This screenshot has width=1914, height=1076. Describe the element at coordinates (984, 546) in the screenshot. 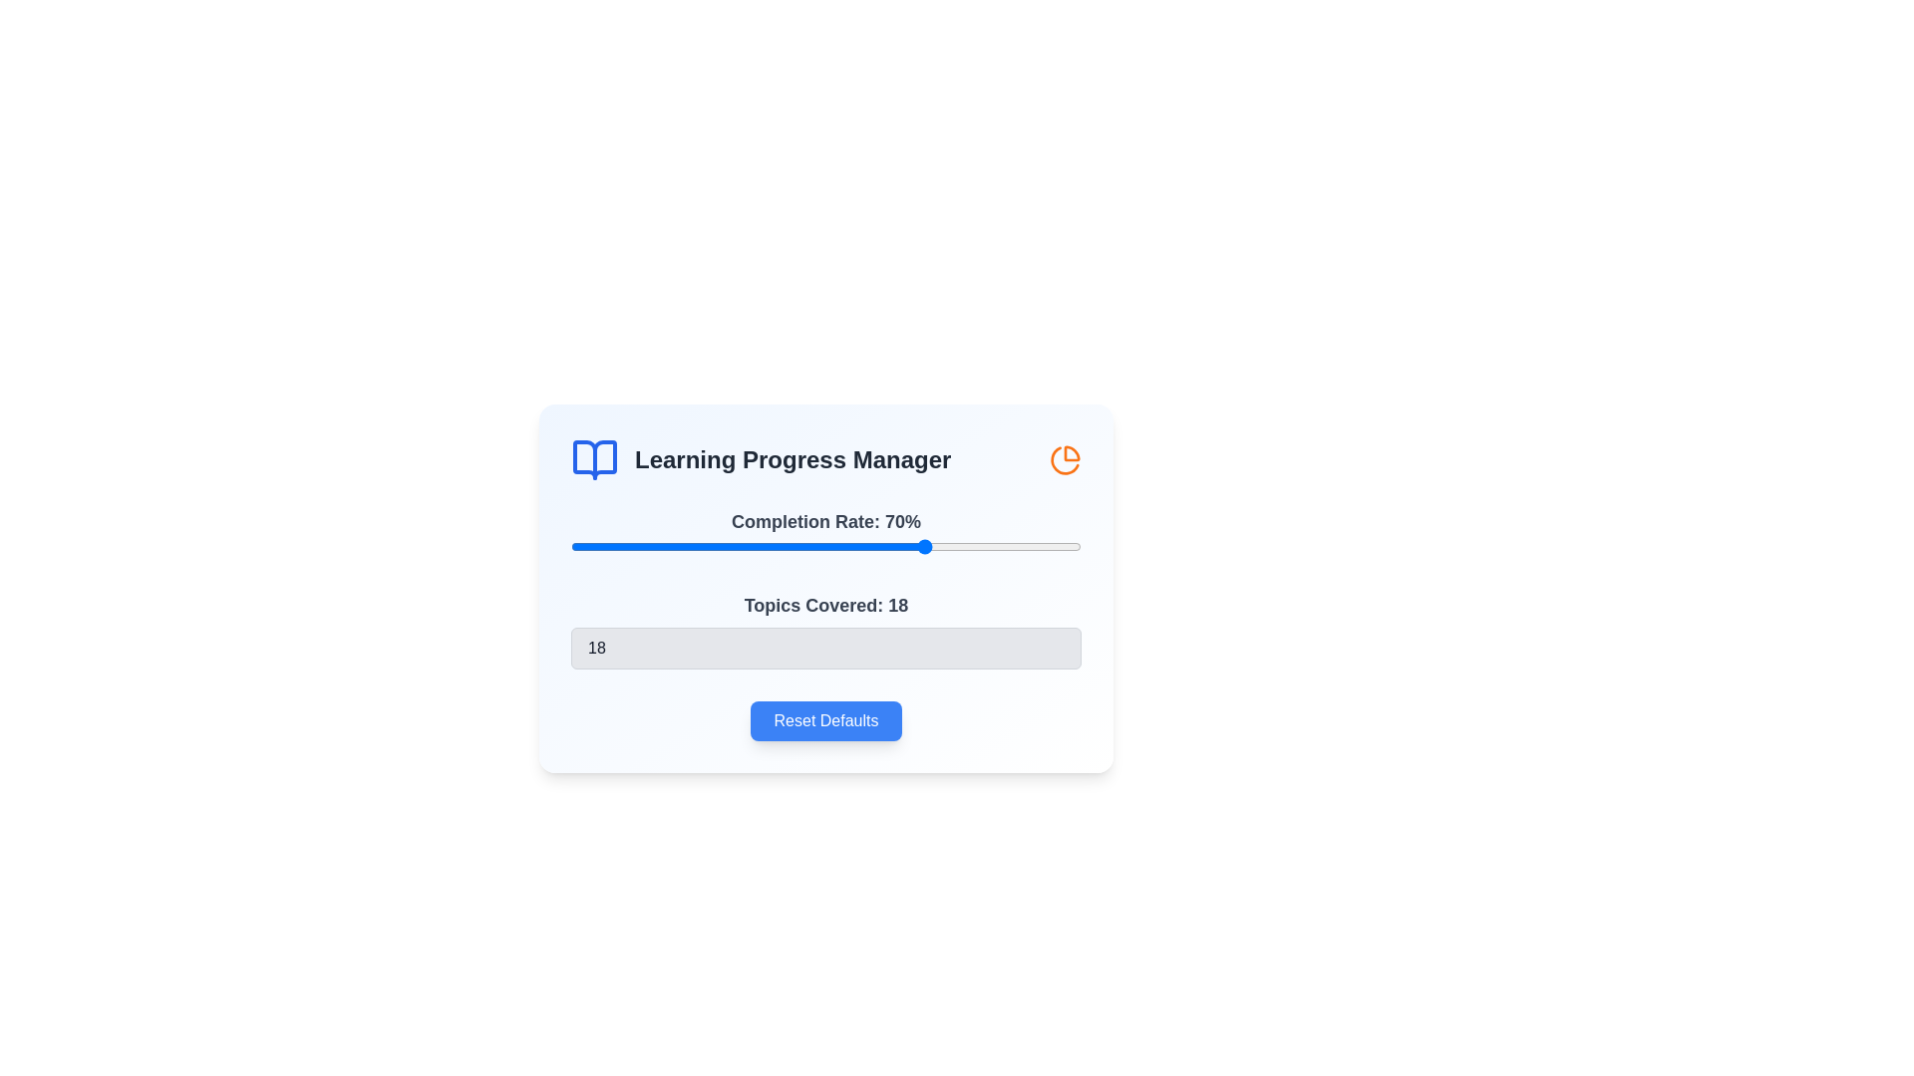

I see `the completion rate slider to 81%` at that location.